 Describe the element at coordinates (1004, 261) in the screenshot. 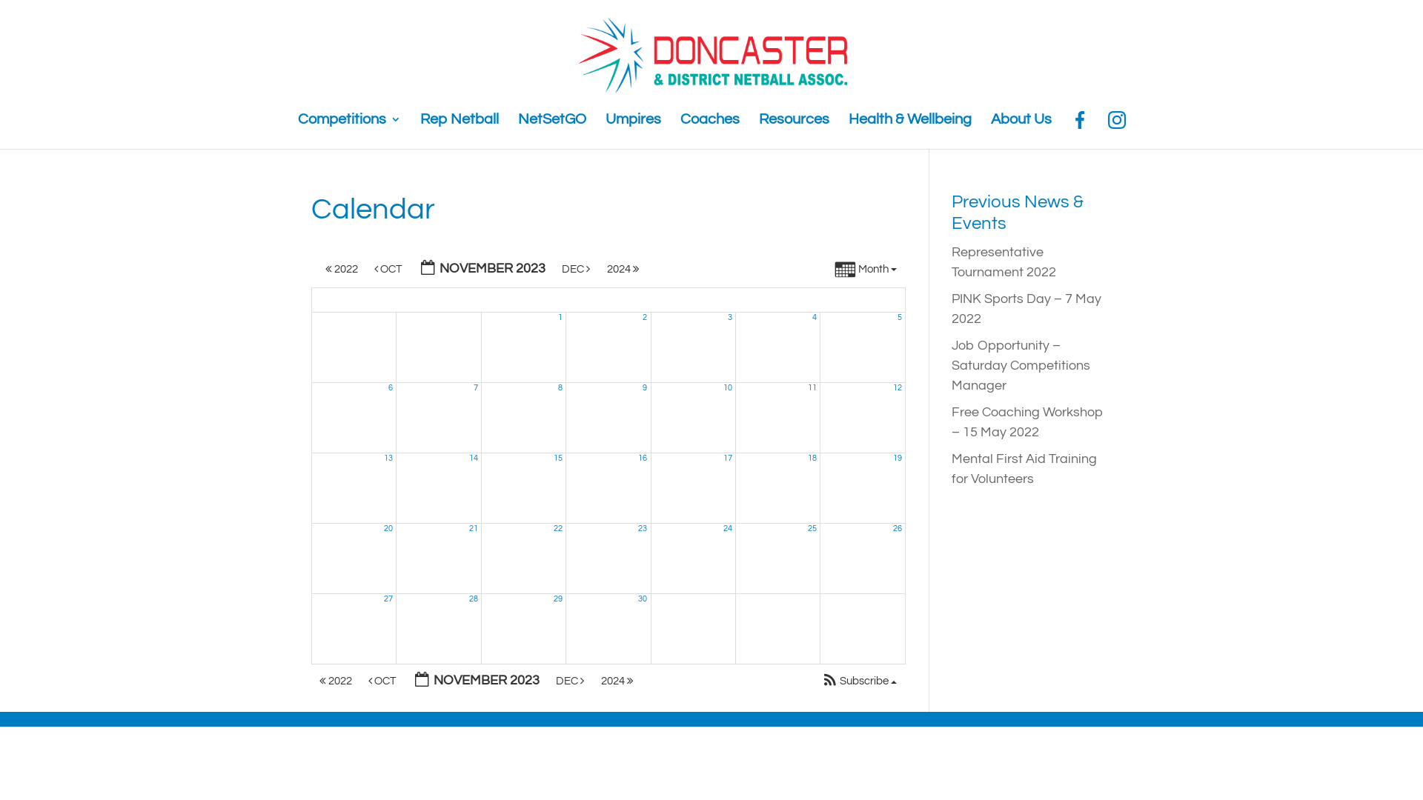

I see `'Representative Tournament 2022'` at that location.